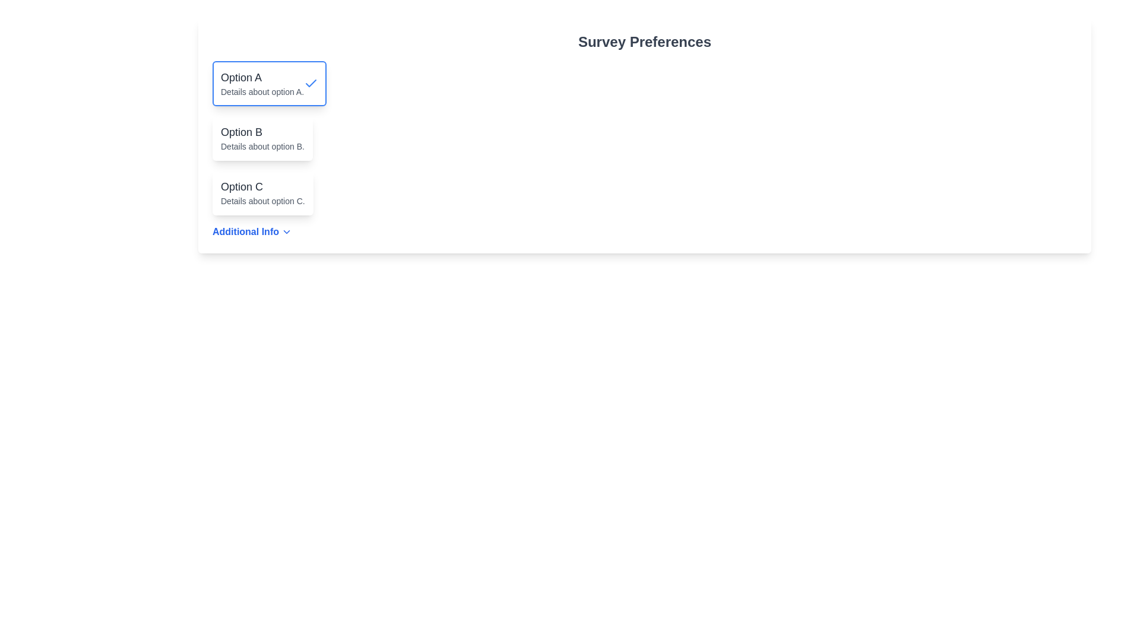  What do you see at coordinates (262, 192) in the screenshot?
I see `the 'Option C' selectable option in the survey preferences section` at bounding box center [262, 192].